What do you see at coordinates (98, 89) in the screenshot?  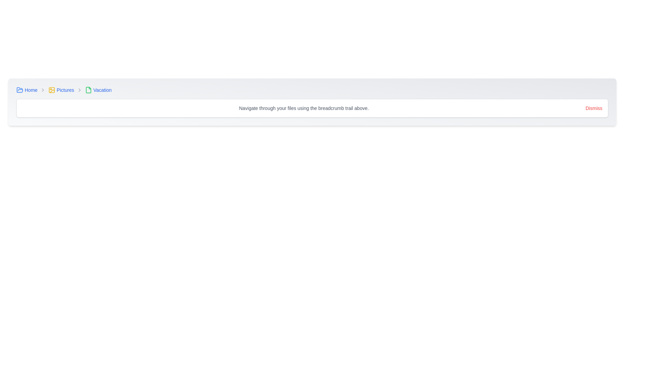 I see `the breadcrumb navigation link for 'Vacation'` at bounding box center [98, 89].